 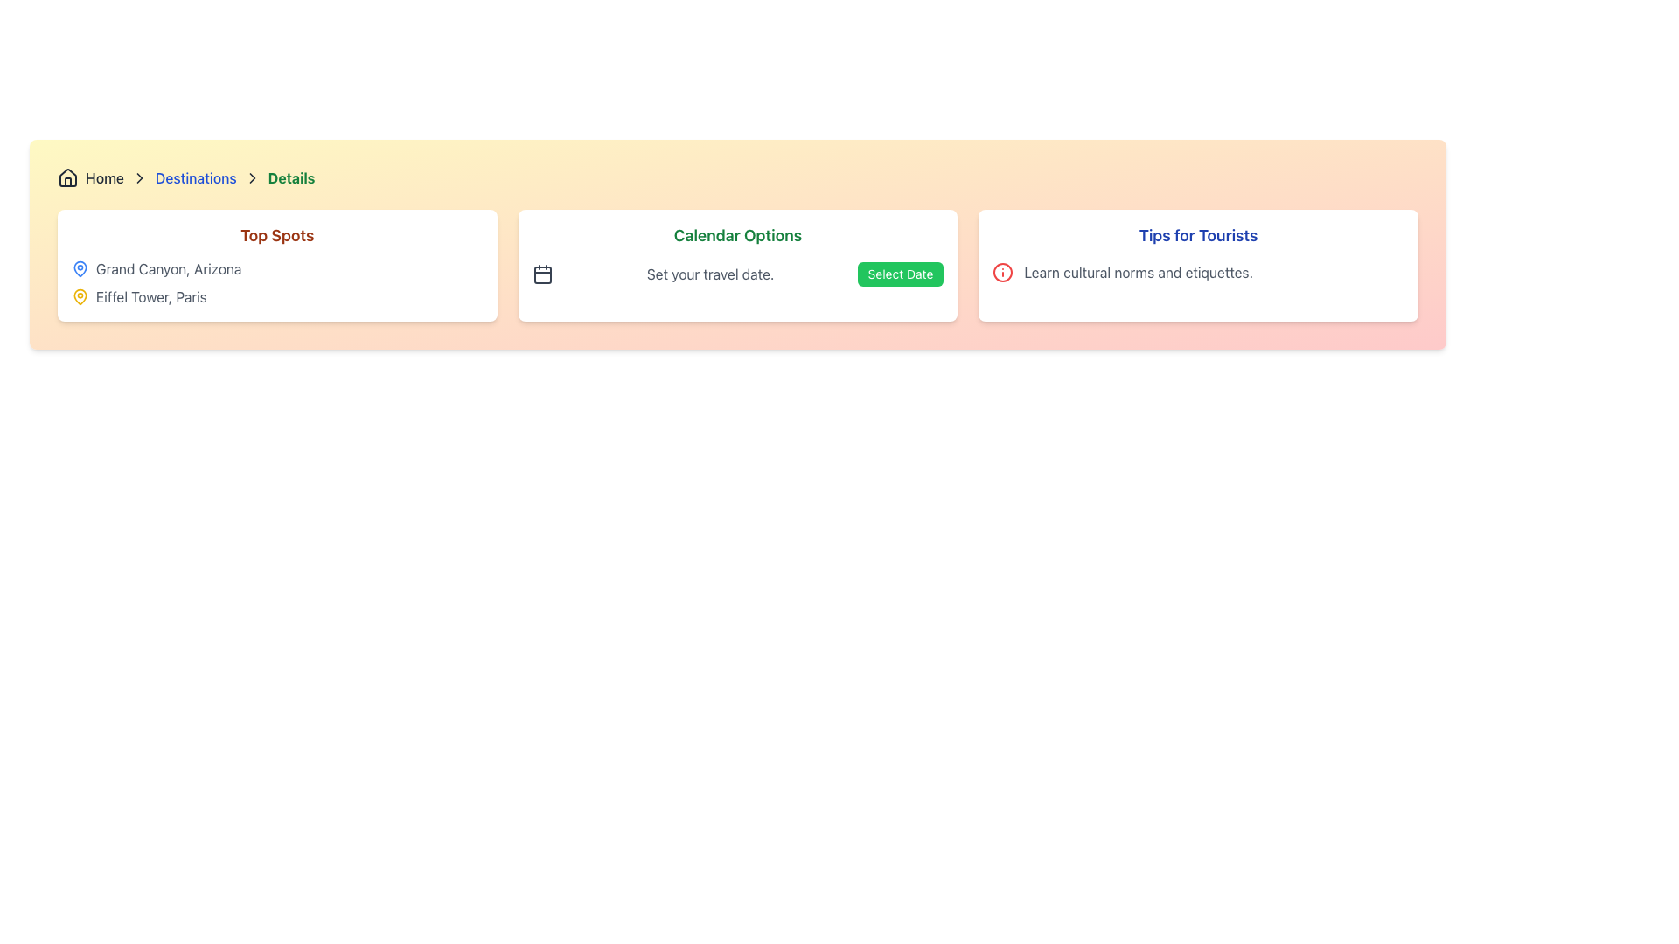 I want to click on the location mark icon for the Grand Canyon, Arizona, which is the first icon in the list under the 'Top Spots' heading, so click(x=79, y=269).